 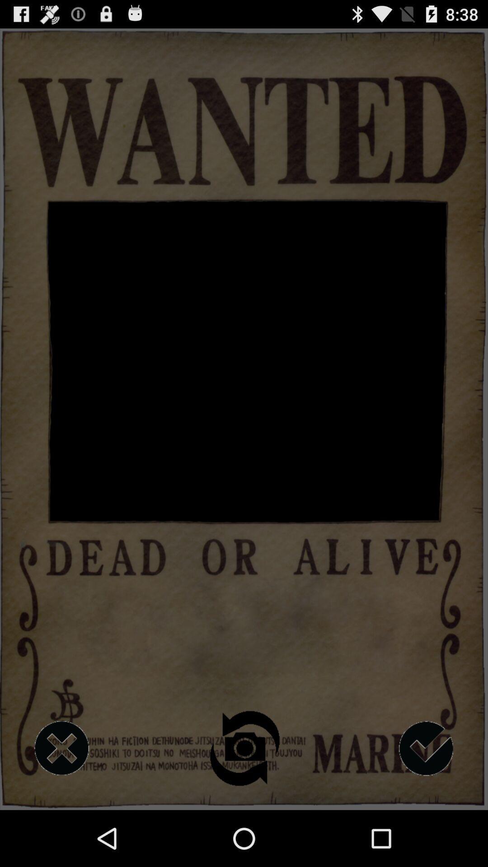 I want to click on the check icon, so click(x=426, y=801).